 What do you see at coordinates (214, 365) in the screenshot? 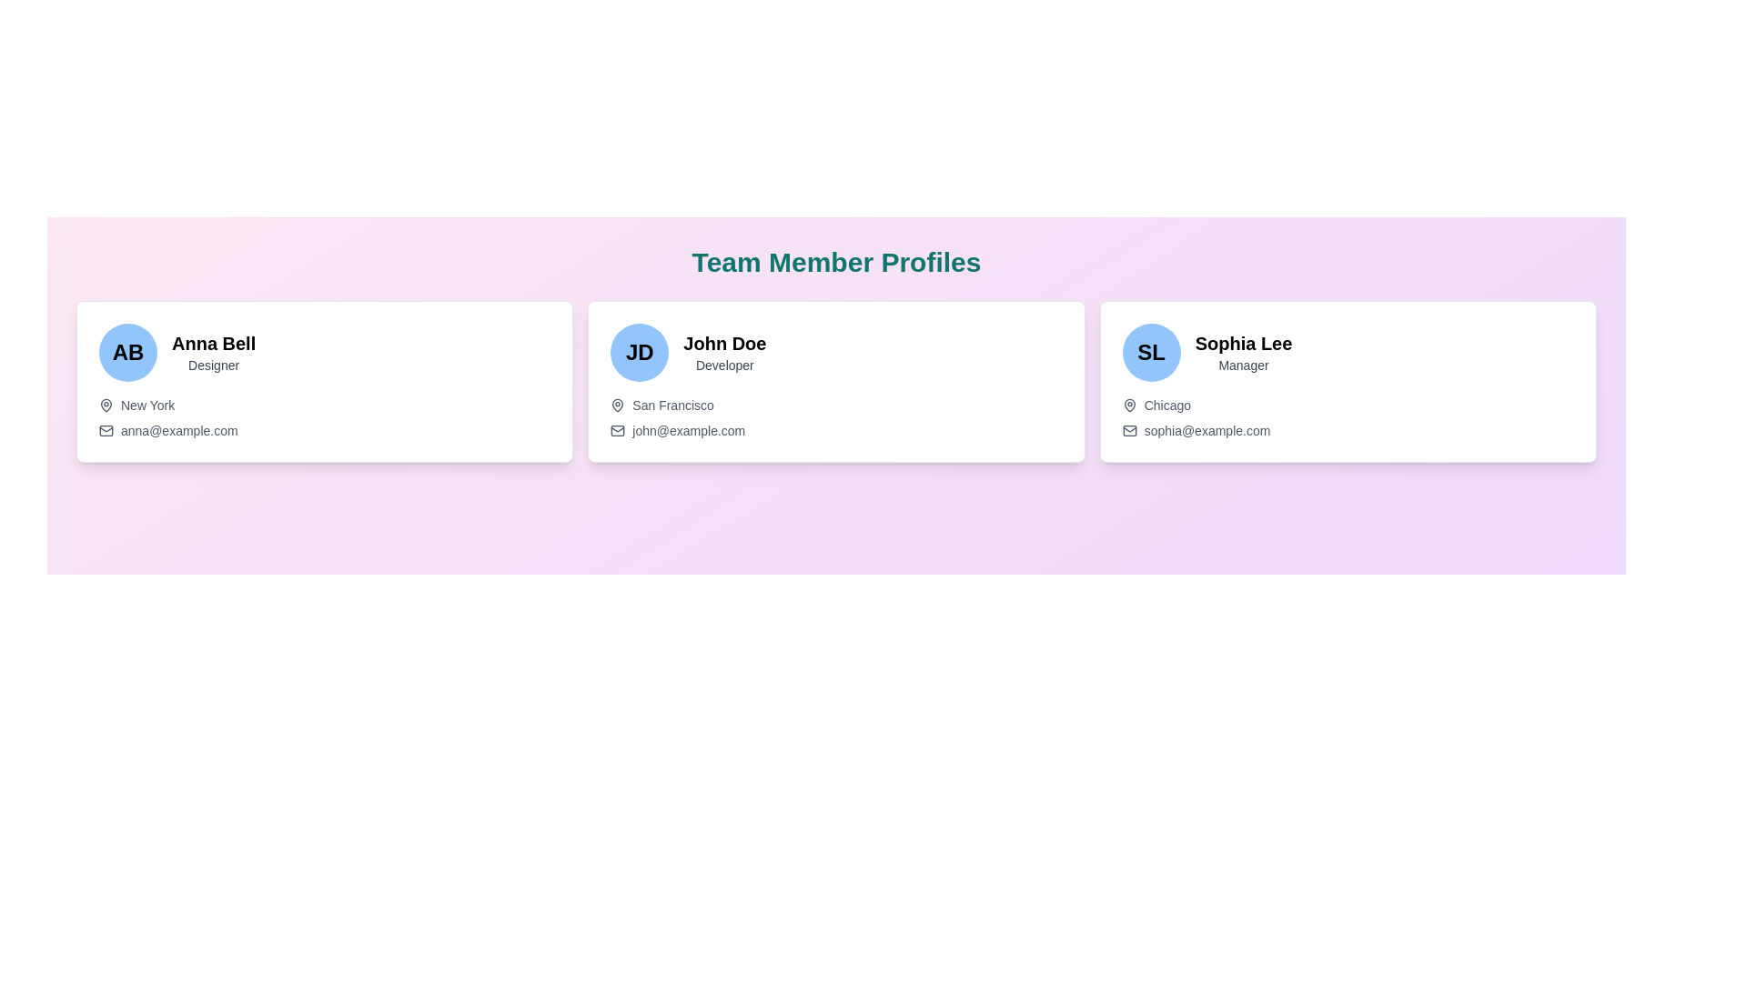
I see `informational text label indicating the profession or role of Anna Bell, located under her name within the profile card` at bounding box center [214, 365].